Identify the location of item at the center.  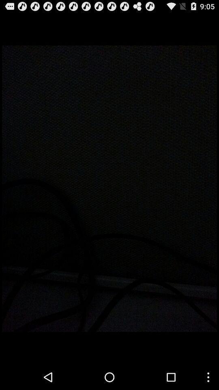
(109, 188).